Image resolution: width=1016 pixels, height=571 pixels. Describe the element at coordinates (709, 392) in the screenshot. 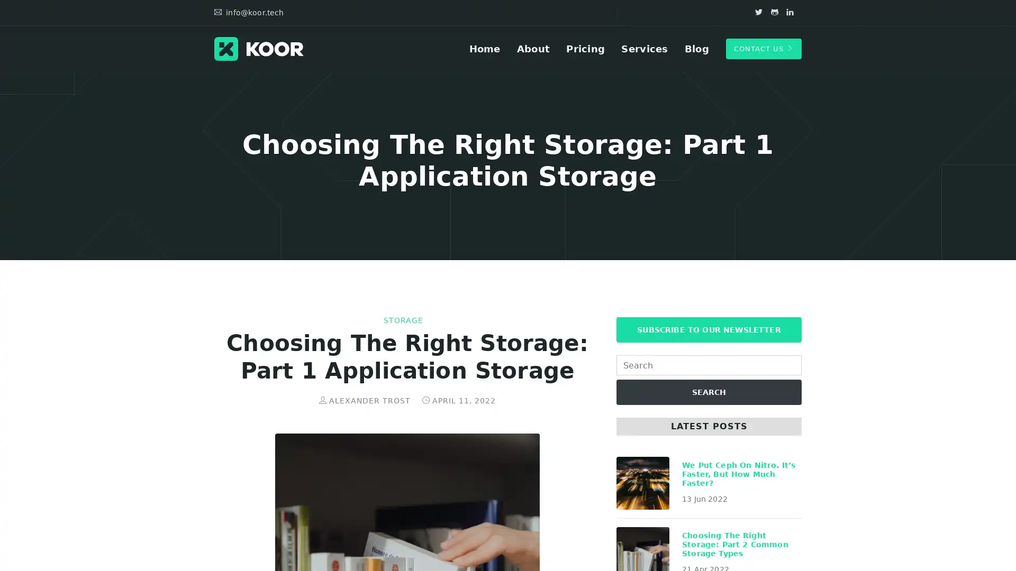

I see `SEARCH` at that location.